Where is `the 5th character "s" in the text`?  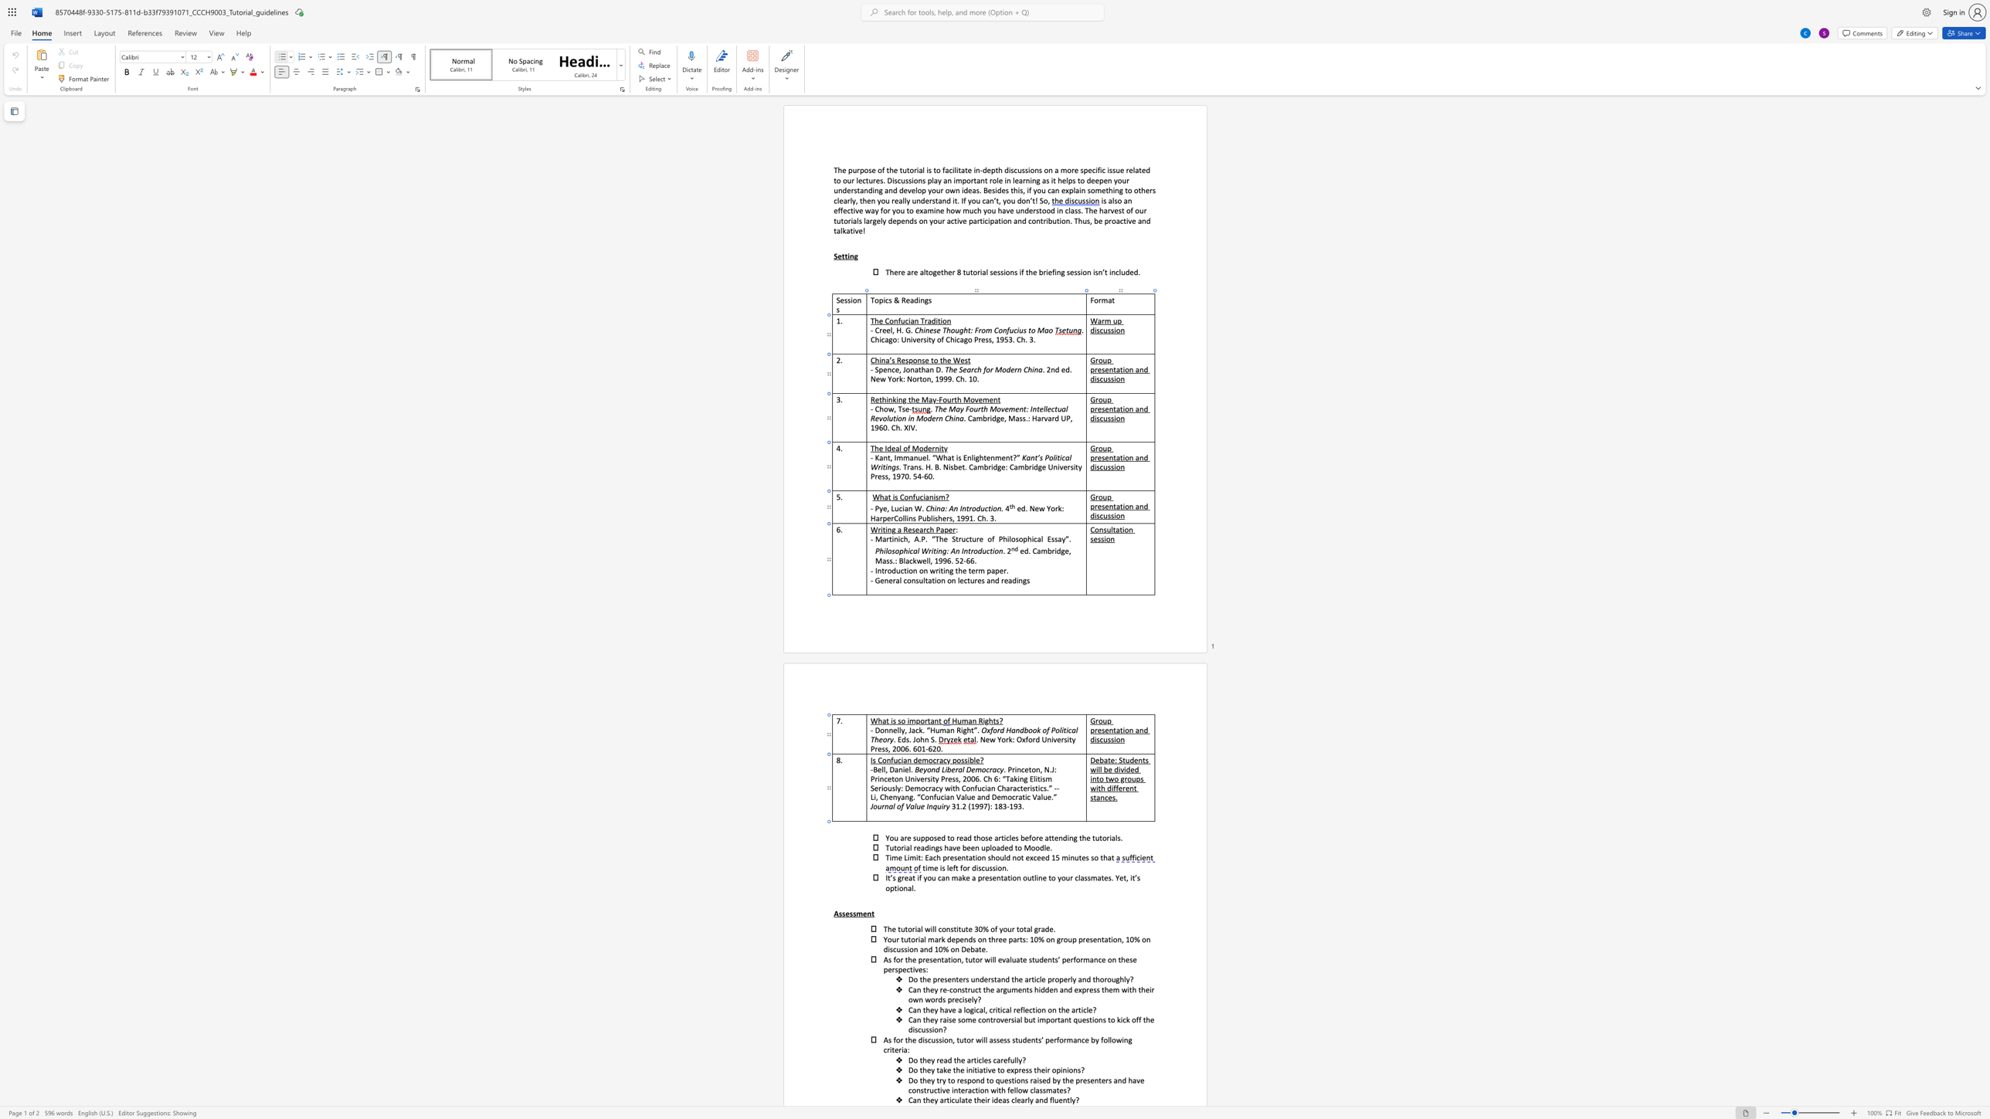 the 5th character "s" in the text is located at coordinates (994, 1039).